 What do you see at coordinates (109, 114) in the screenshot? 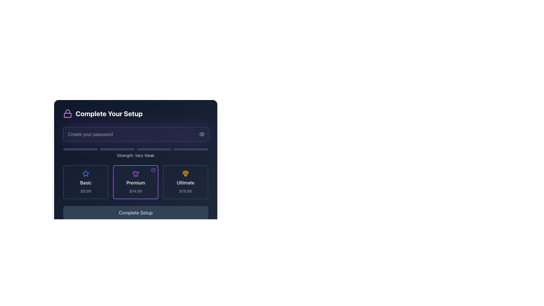
I see `the large, bold, white text displaying 'Complete Your Setup.' which is prominently positioned atop a dark background, serving as a headline above the password input field` at bounding box center [109, 114].